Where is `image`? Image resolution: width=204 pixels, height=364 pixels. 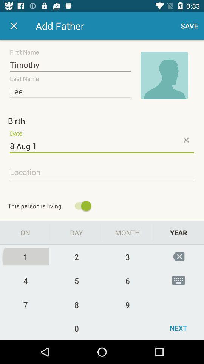 image is located at coordinates (164, 75).